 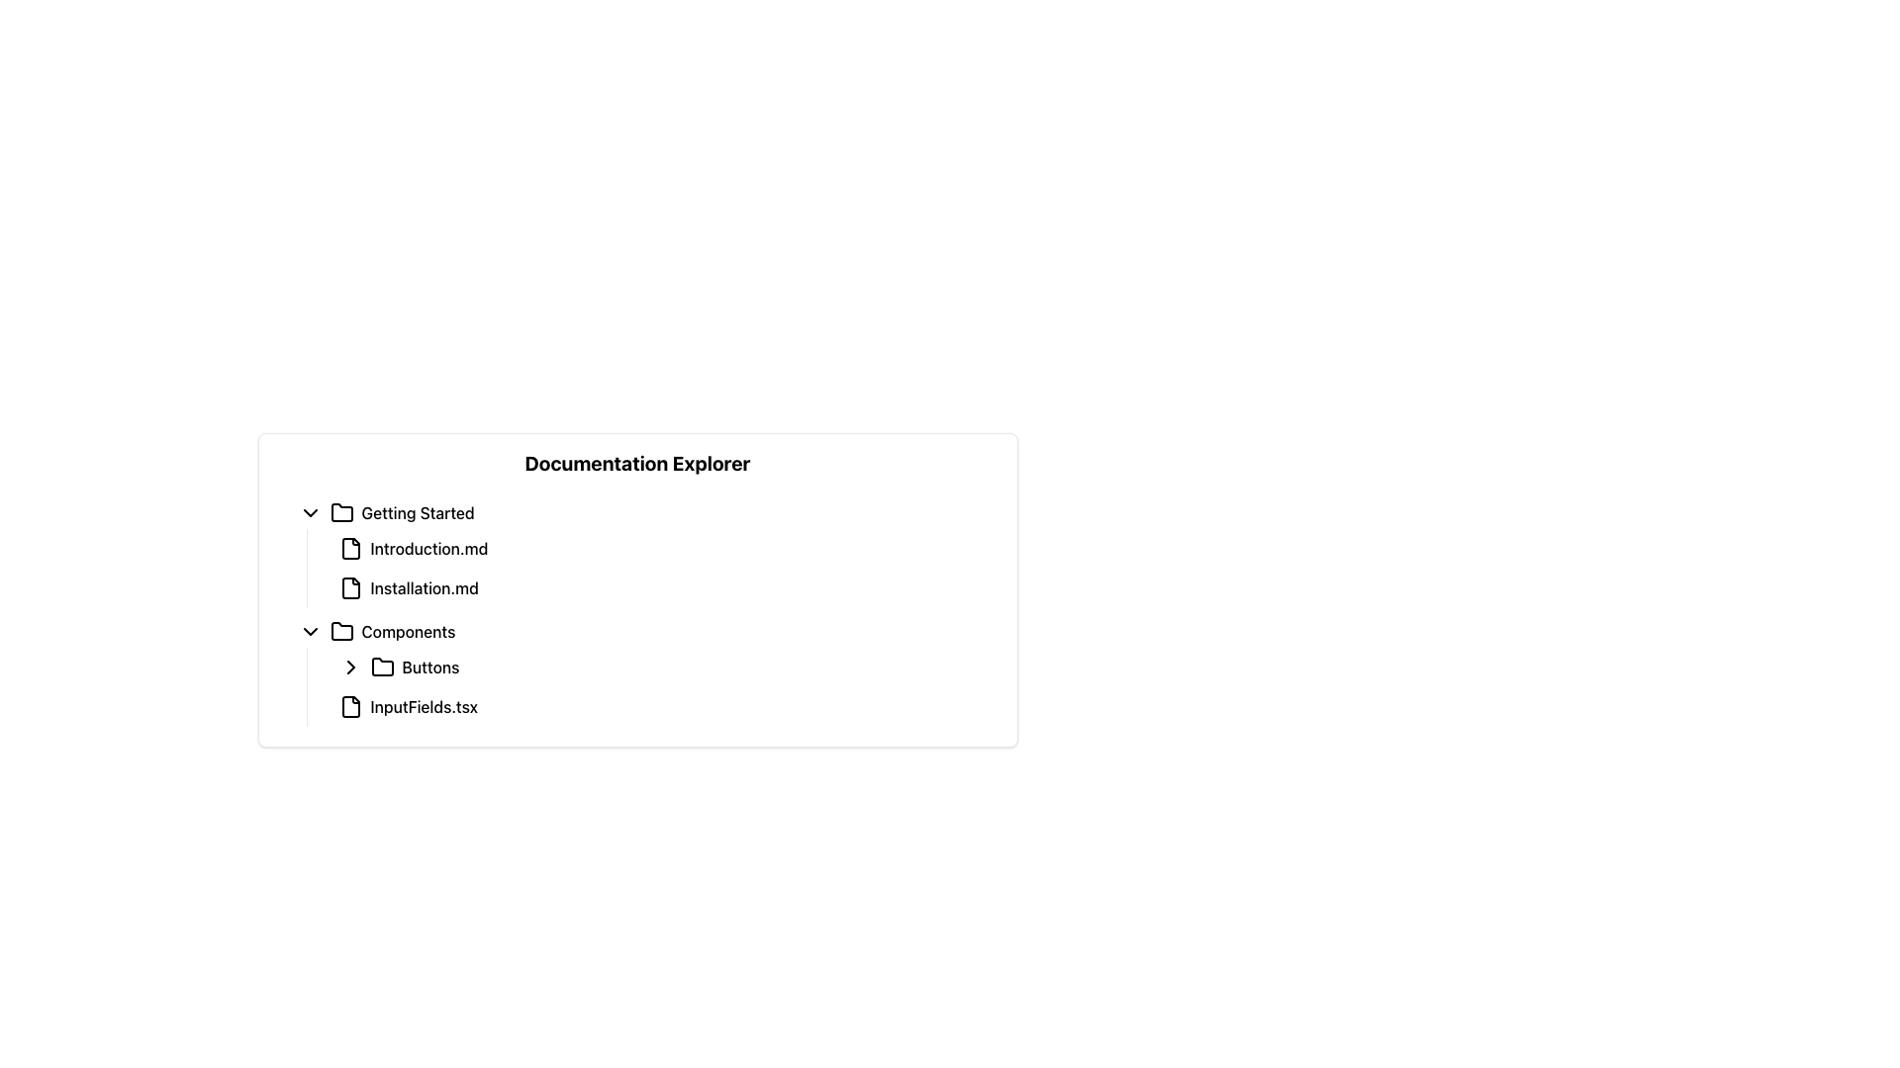 What do you see at coordinates (392, 632) in the screenshot?
I see `the 'Components' label with the folder icon in the 'Documentation Explorer' navigation menu, which is positioned under 'Getting Started'` at bounding box center [392, 632].